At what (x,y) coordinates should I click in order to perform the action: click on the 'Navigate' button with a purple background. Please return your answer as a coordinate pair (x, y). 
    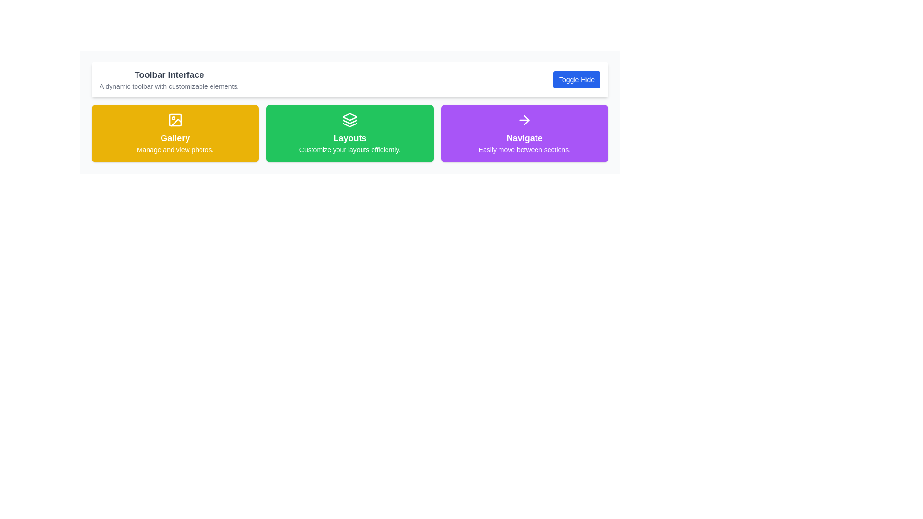
    Looking at the image, I should click on (524, 133).